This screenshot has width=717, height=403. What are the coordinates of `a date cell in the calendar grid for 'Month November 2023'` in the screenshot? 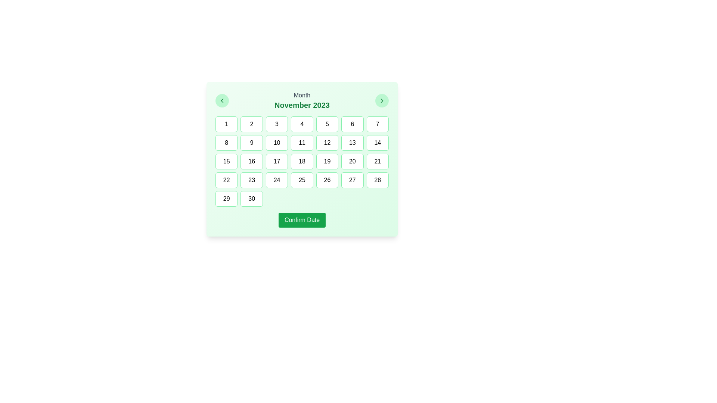 It's located at (302, 161).